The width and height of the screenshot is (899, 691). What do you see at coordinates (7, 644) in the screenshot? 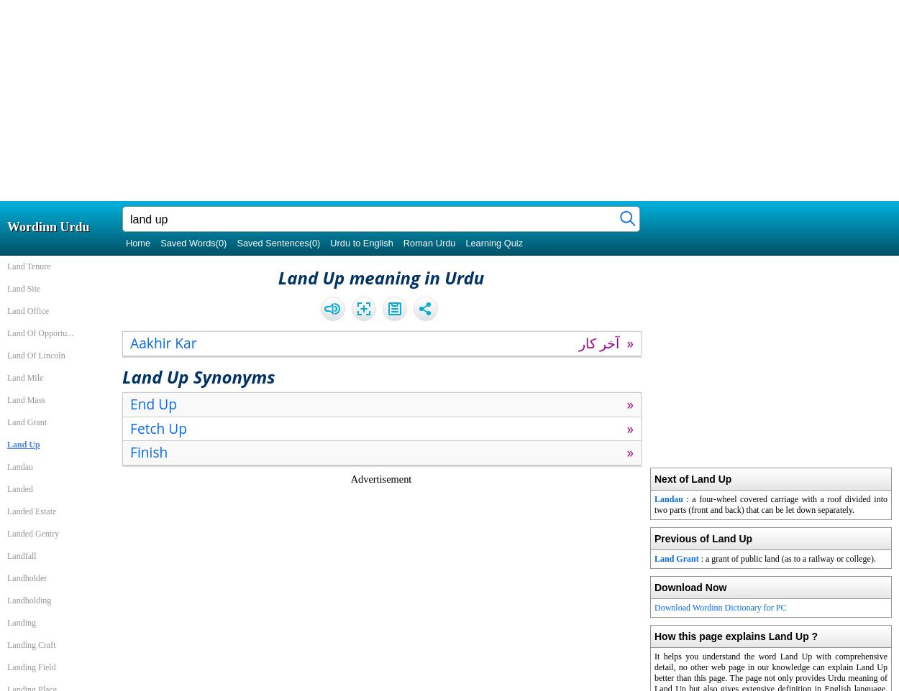
I see `'Landing Craft'` at bounding box center [7, 644].